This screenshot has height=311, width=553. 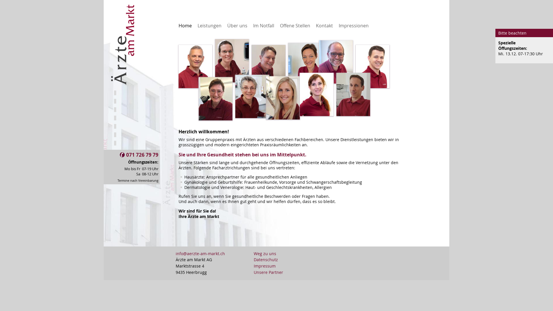 I want to click on 'Datenschutz', so click(x=268, y=260).